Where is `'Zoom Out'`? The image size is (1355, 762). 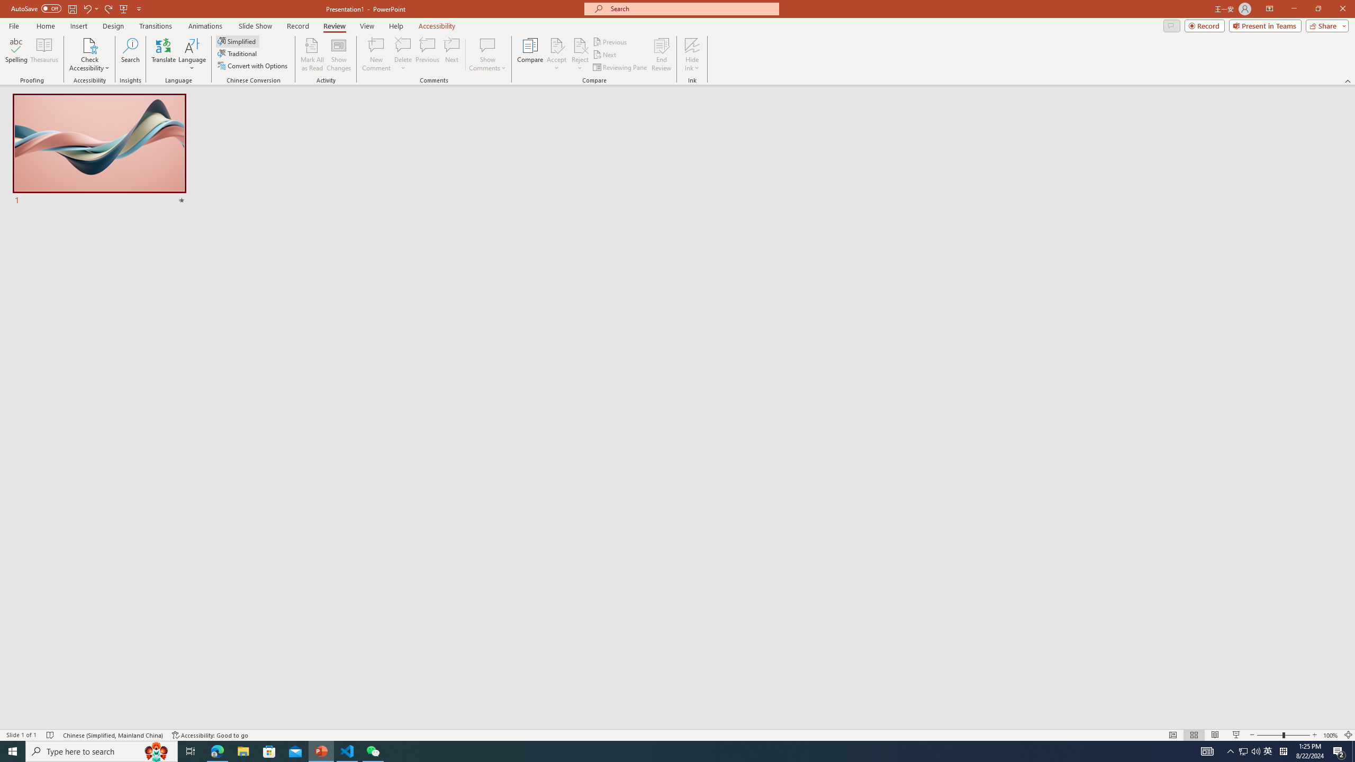
'Zoom Out' is located at coordinates (1269, 735).